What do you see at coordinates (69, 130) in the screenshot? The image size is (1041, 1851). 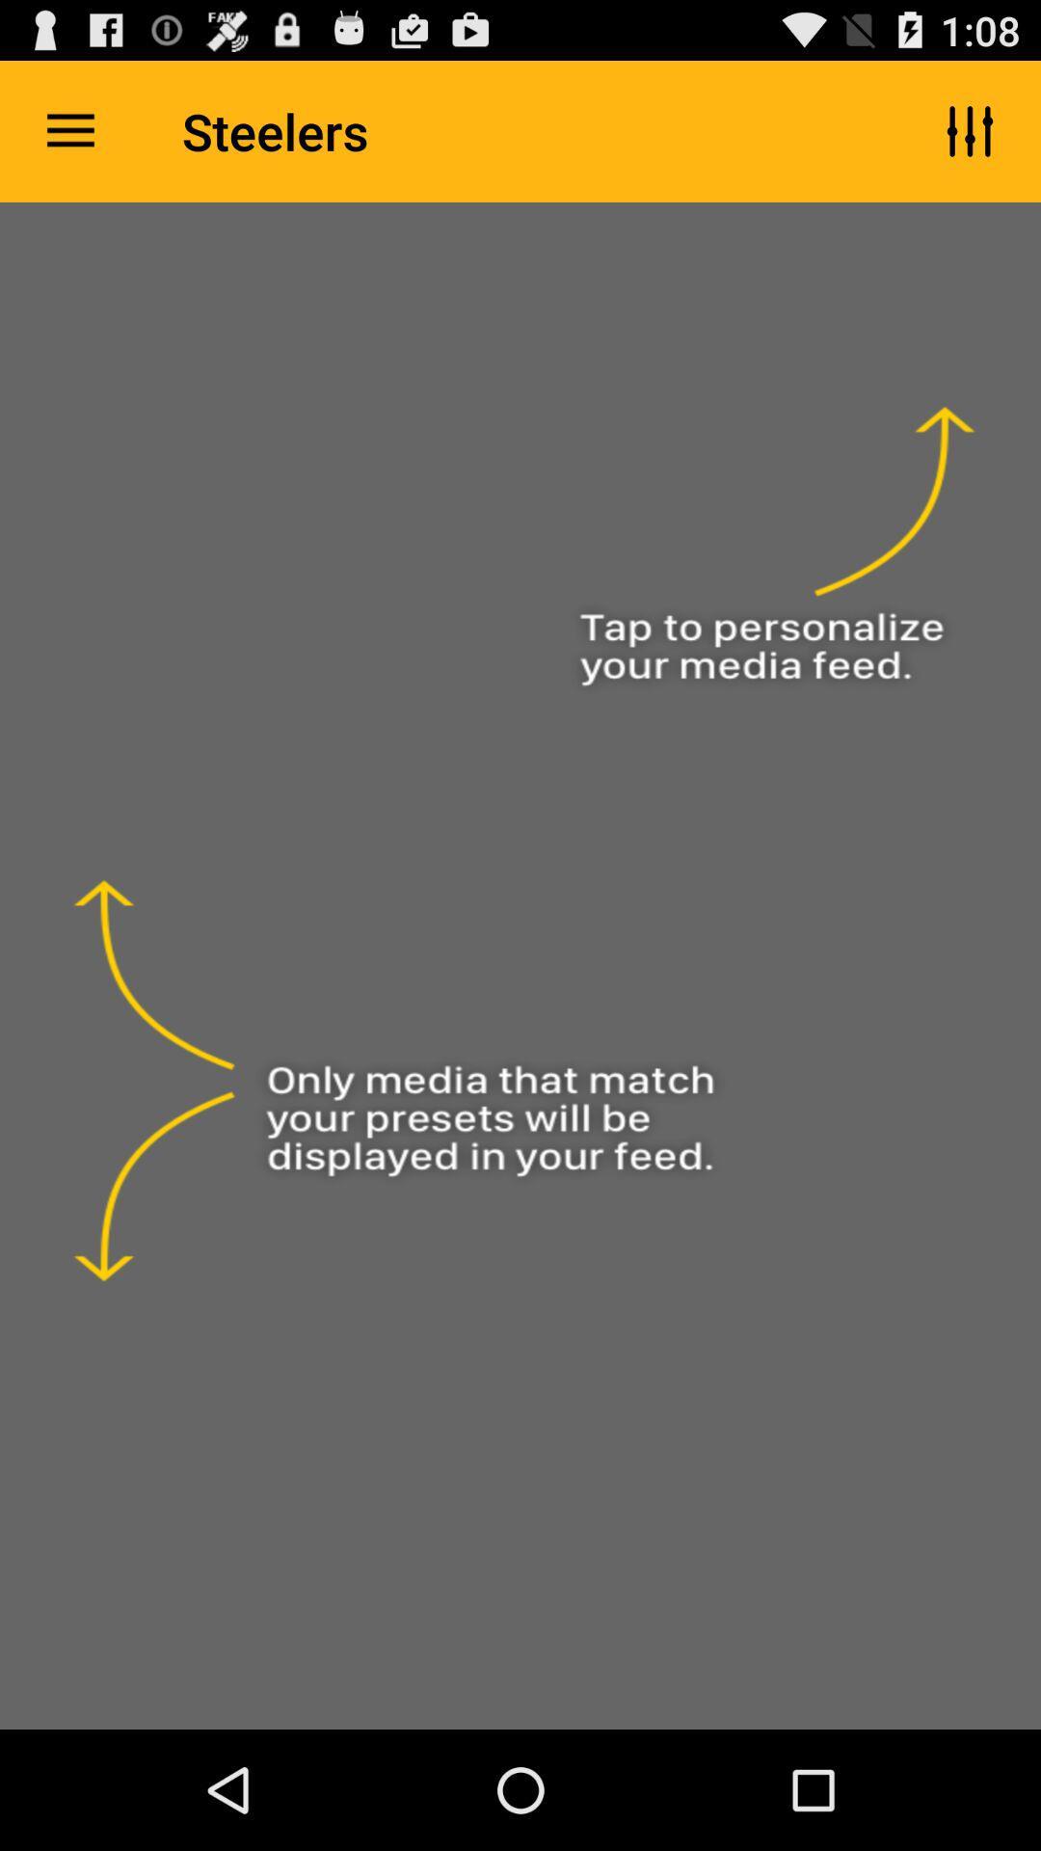 I see `the icon next to the steelers item` at bounding box center [69, 130].